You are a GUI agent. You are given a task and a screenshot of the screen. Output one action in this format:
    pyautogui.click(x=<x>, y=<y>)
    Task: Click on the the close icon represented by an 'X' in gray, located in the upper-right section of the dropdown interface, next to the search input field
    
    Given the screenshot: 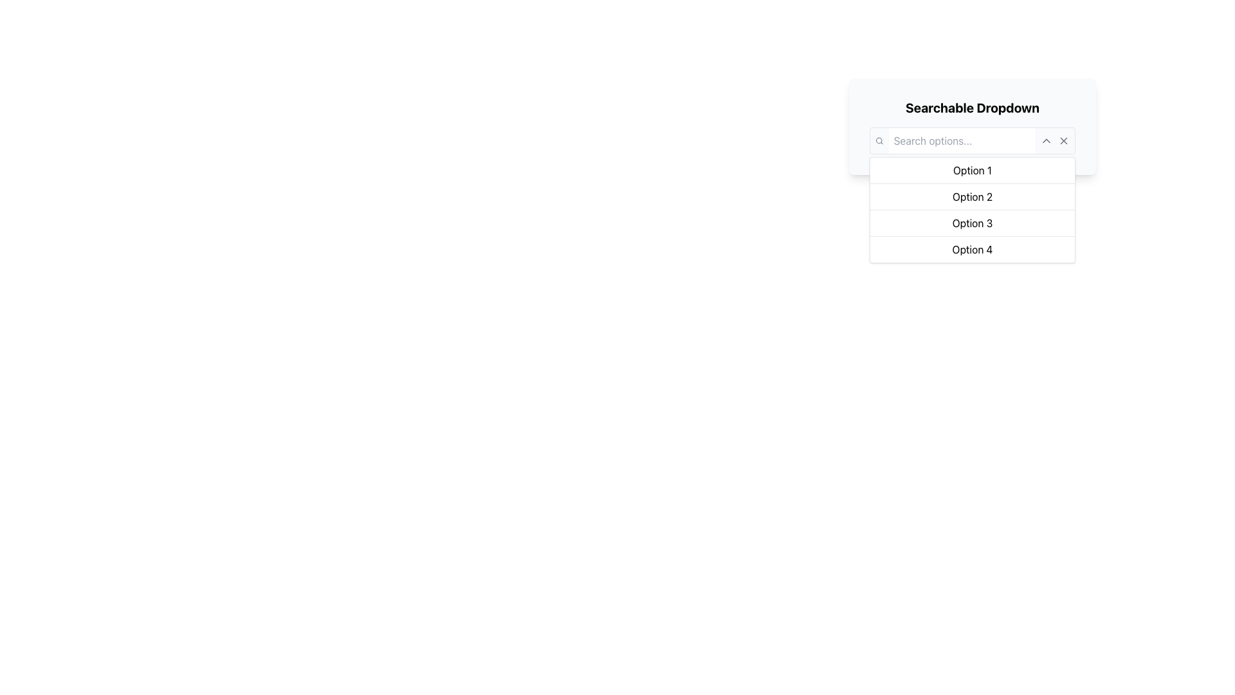 What is the action you would take?
    pyautogui.click(x=1064, y=141)
    